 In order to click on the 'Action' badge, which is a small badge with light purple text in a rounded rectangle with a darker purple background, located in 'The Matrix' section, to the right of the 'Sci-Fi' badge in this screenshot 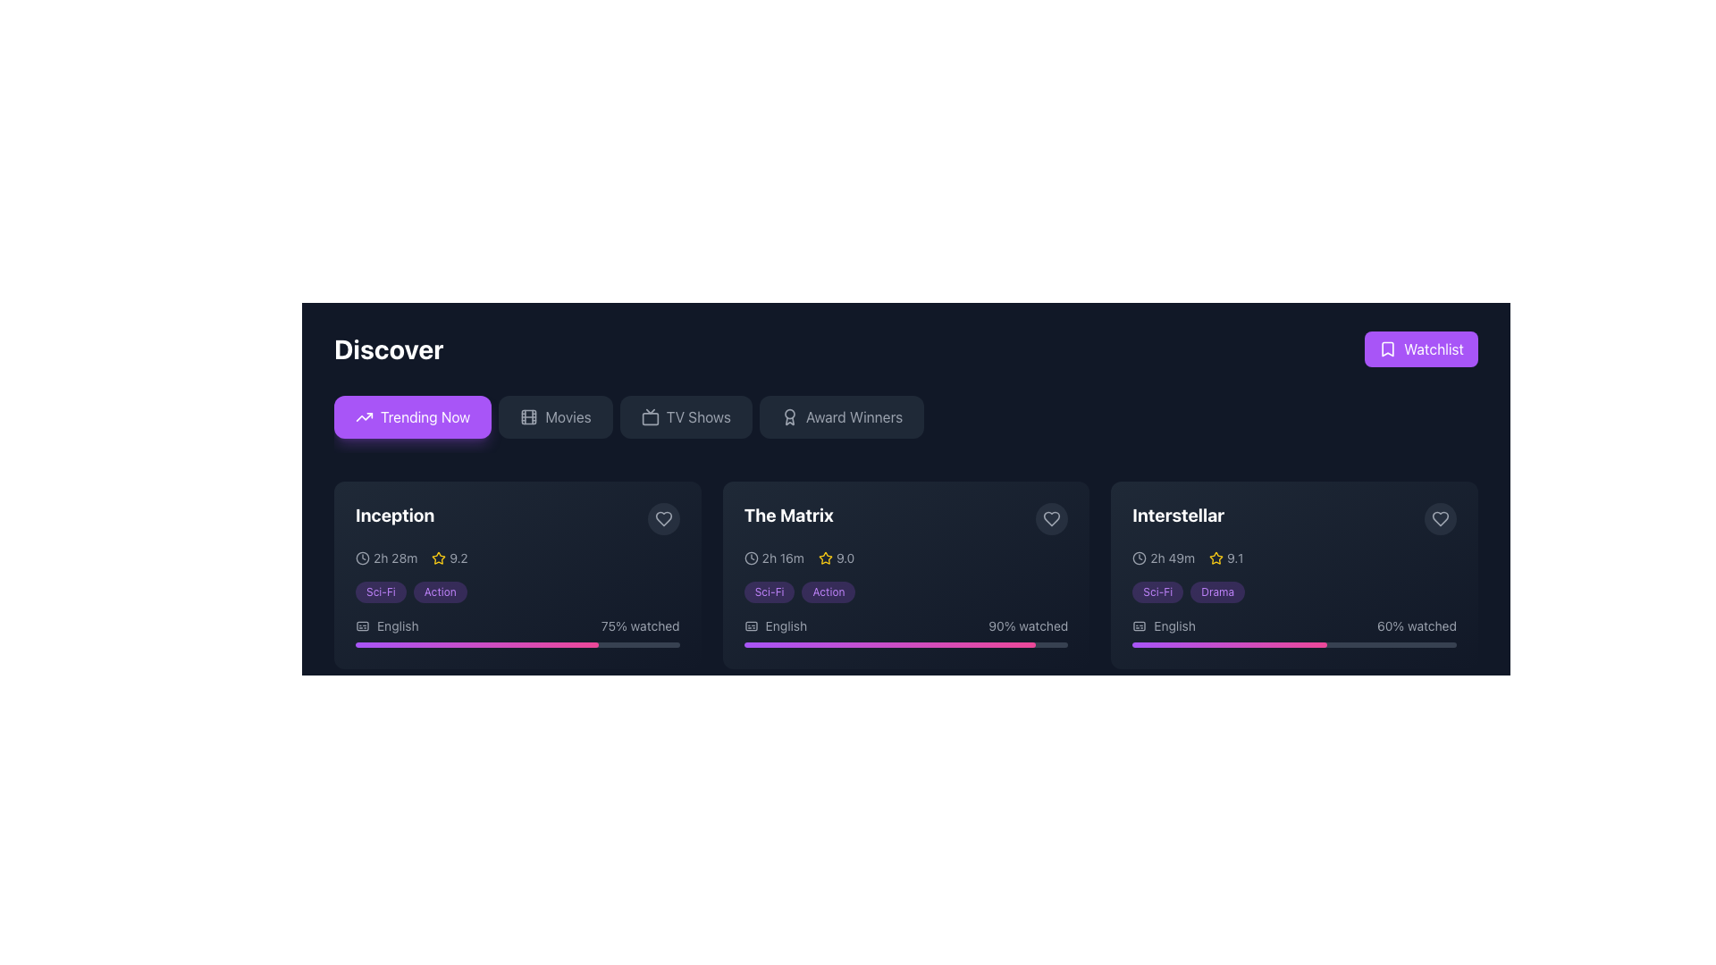, I will do `click(828, 592)`.